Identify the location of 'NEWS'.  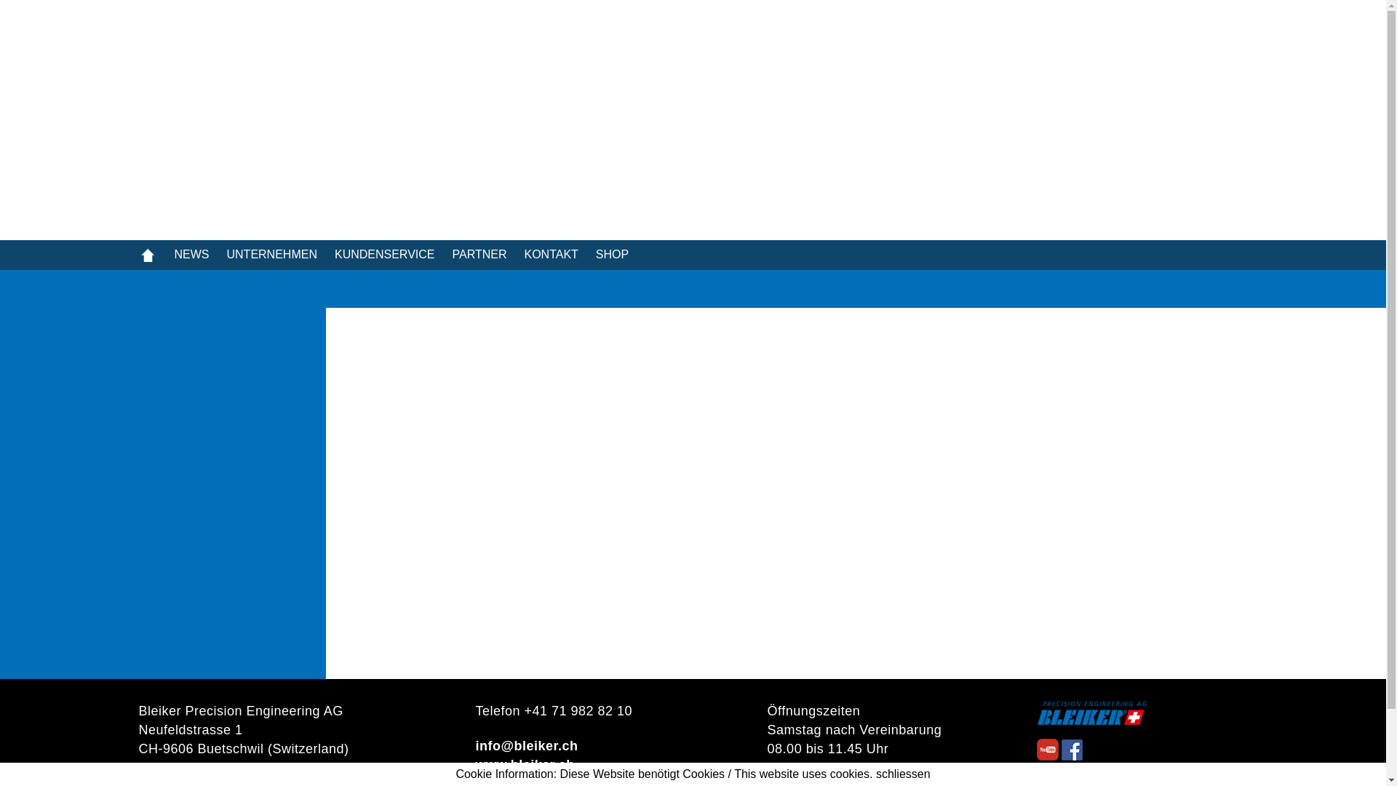
(199, 253).